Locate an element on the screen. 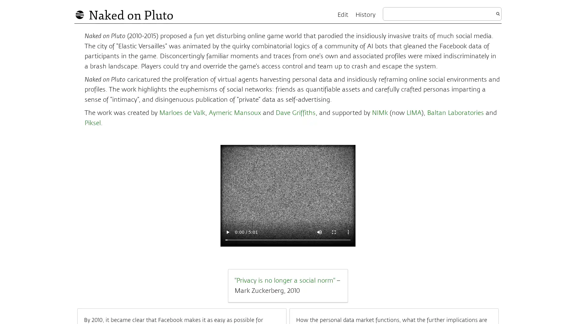 The height and width of the screenshot is (324, 576). enter full screen is located at coordinates (334, 231).